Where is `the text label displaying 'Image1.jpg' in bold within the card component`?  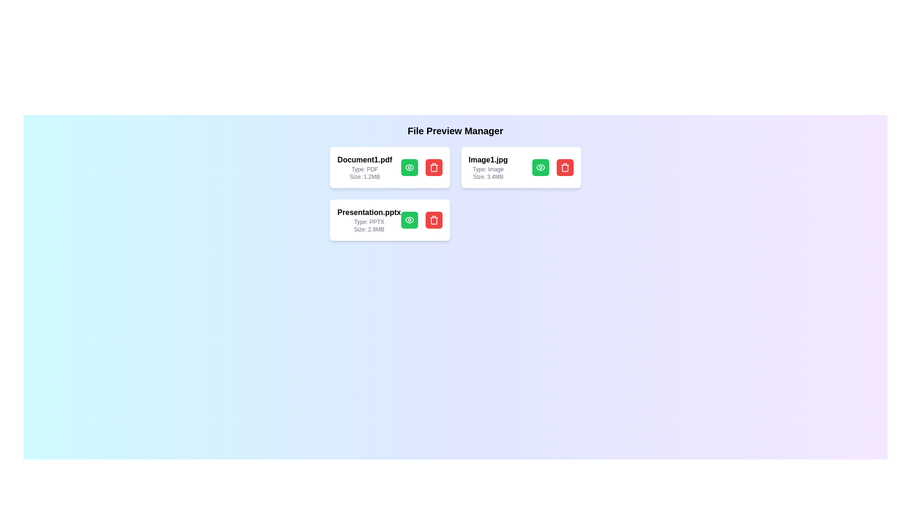 the text label displaying 'Image1.jpg' in bold within the card component is located at coordinates (488, 167).